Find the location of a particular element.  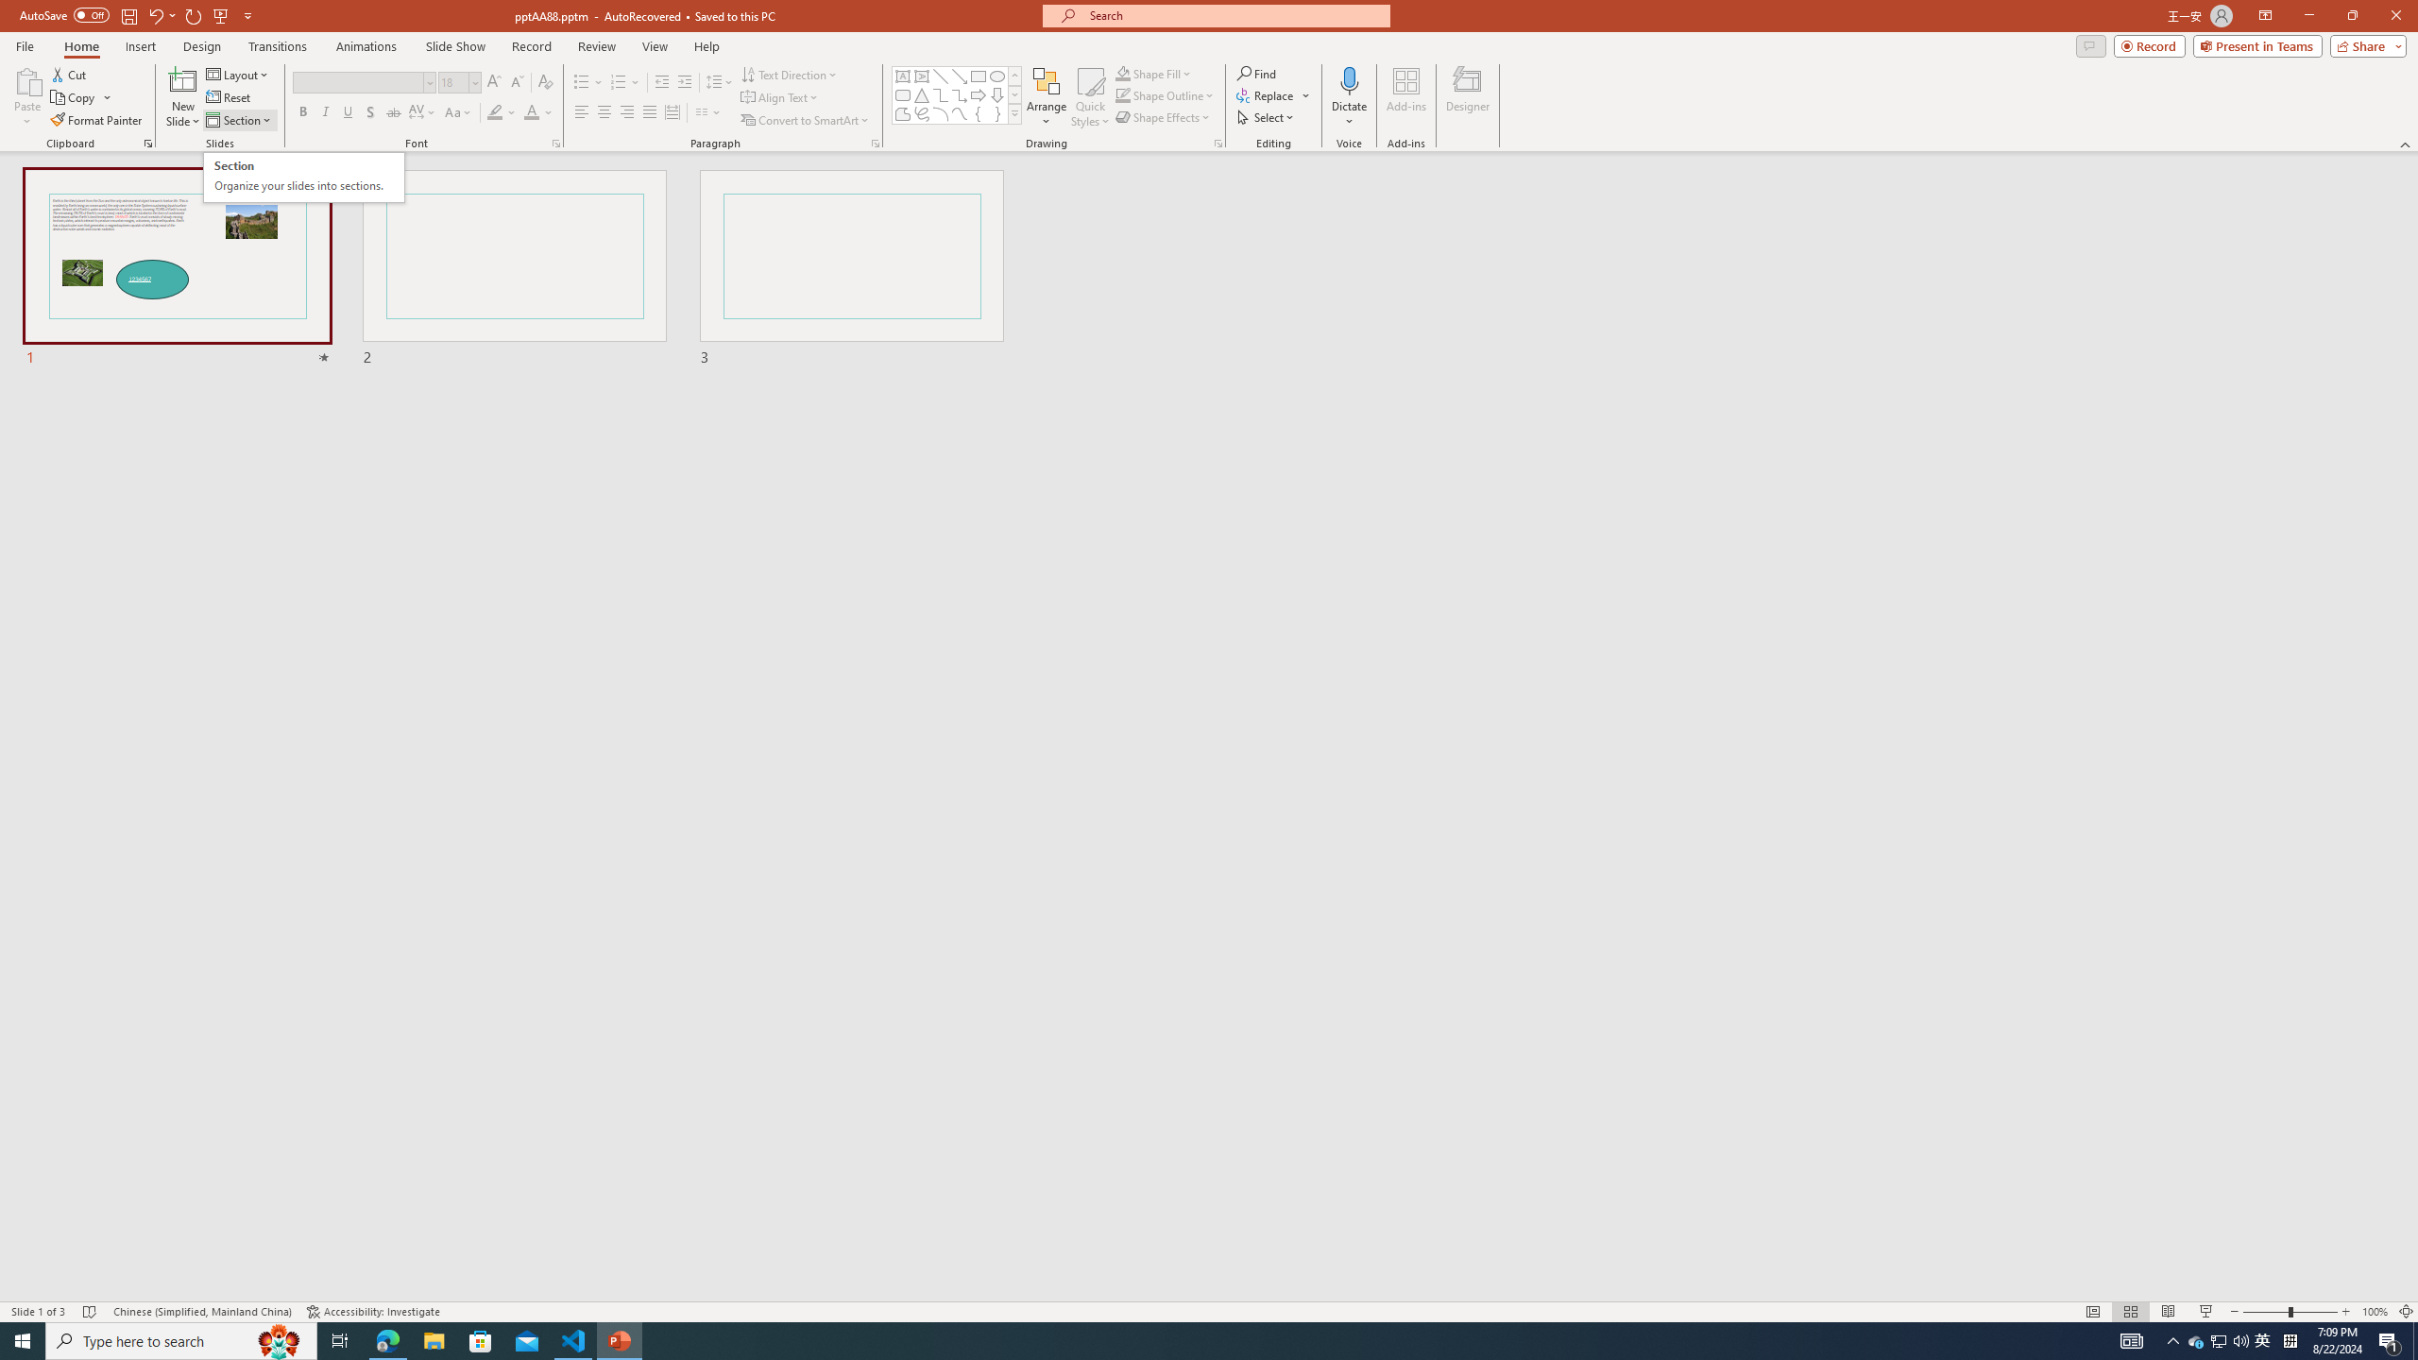

'Zoom 100%' is located at coordinates (2375, 1312).